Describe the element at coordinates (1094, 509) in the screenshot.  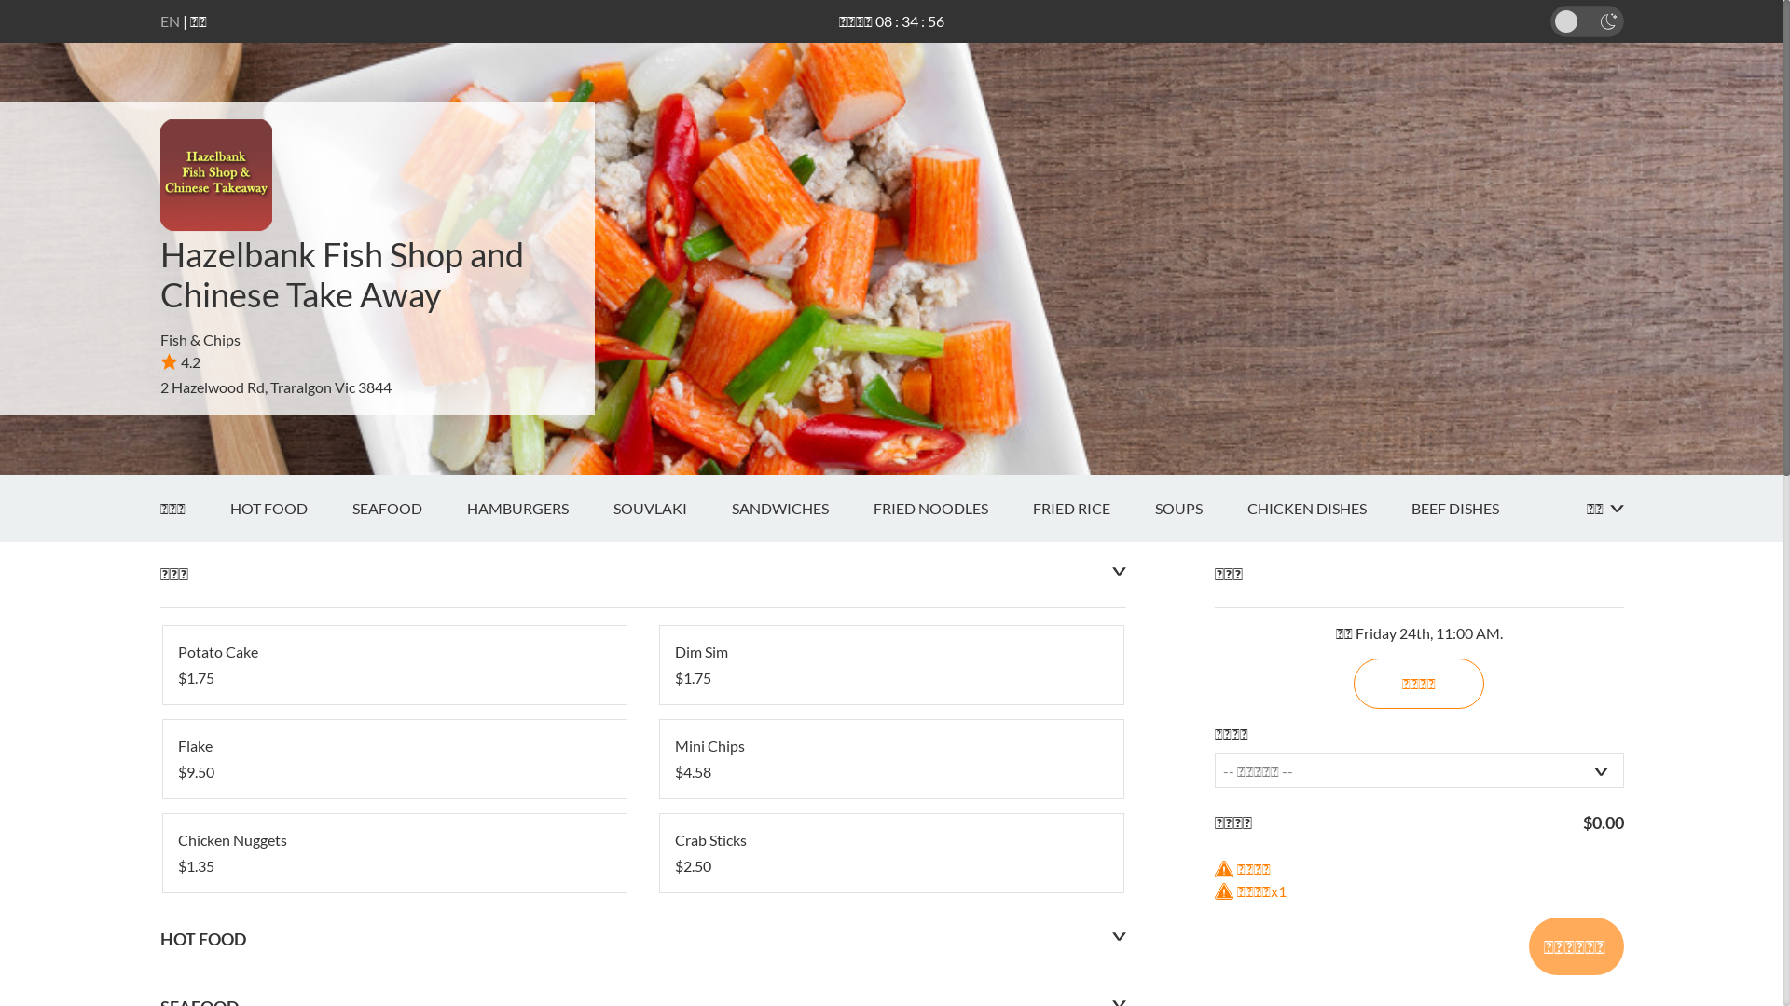
I see `'FRIED RICE'` at that location.